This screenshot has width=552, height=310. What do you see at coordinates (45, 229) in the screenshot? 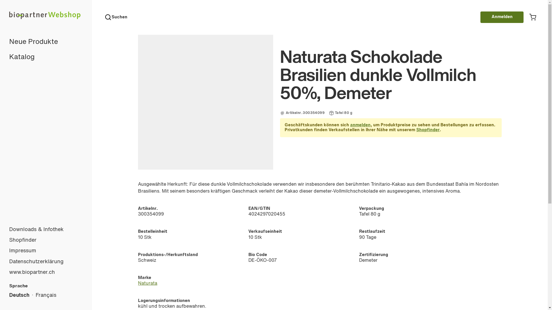
I see `'Downloads & Infothek'` at bounding box center [45, 229].